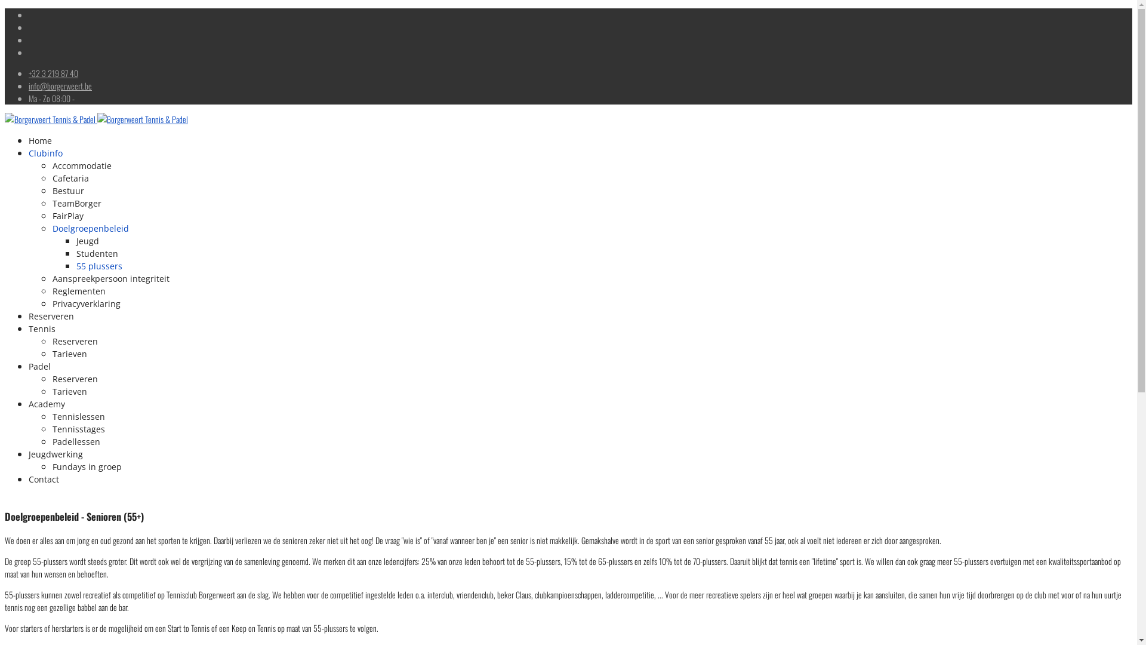 The width and height of the screenshot is (1146, 645). I want to click on 'Cafetaria', so click(51, 178).